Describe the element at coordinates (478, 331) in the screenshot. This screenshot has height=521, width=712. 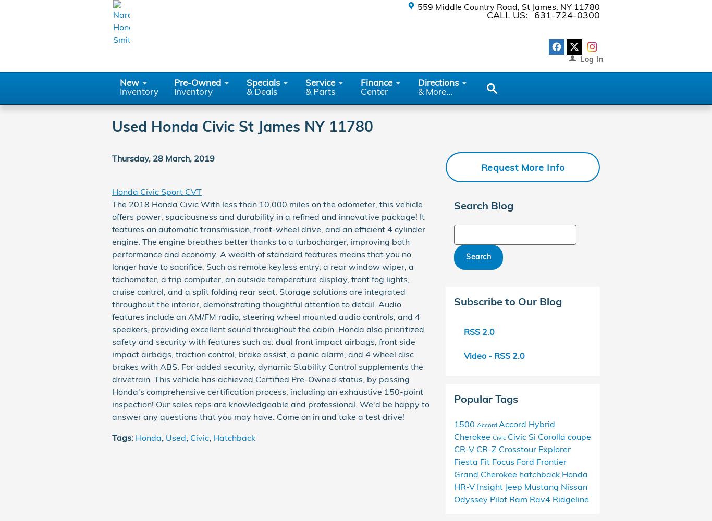
I see `'RSS 2.0'` at that location.